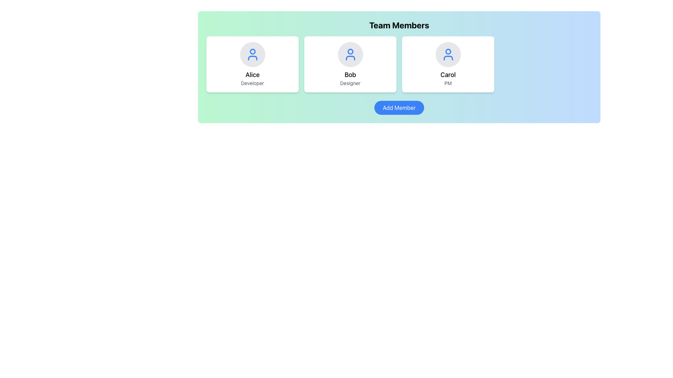 This screenshot has width=673, height=378. Describe the element at coordinates (448, 75) in the screenshot. I see `name label text for the user profile card located in the team members list, which is positioned below the avatar image and above the label 'PM'` at that location.